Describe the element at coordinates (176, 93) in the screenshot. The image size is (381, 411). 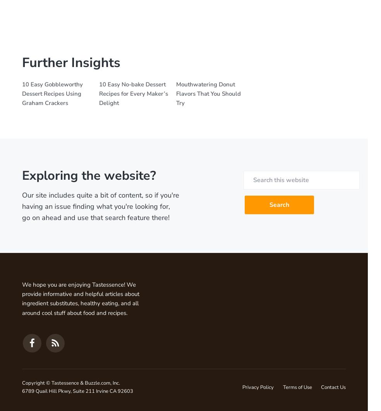
I see `'Mouthwatering Donut Flavors That You Should Try'` at that location.